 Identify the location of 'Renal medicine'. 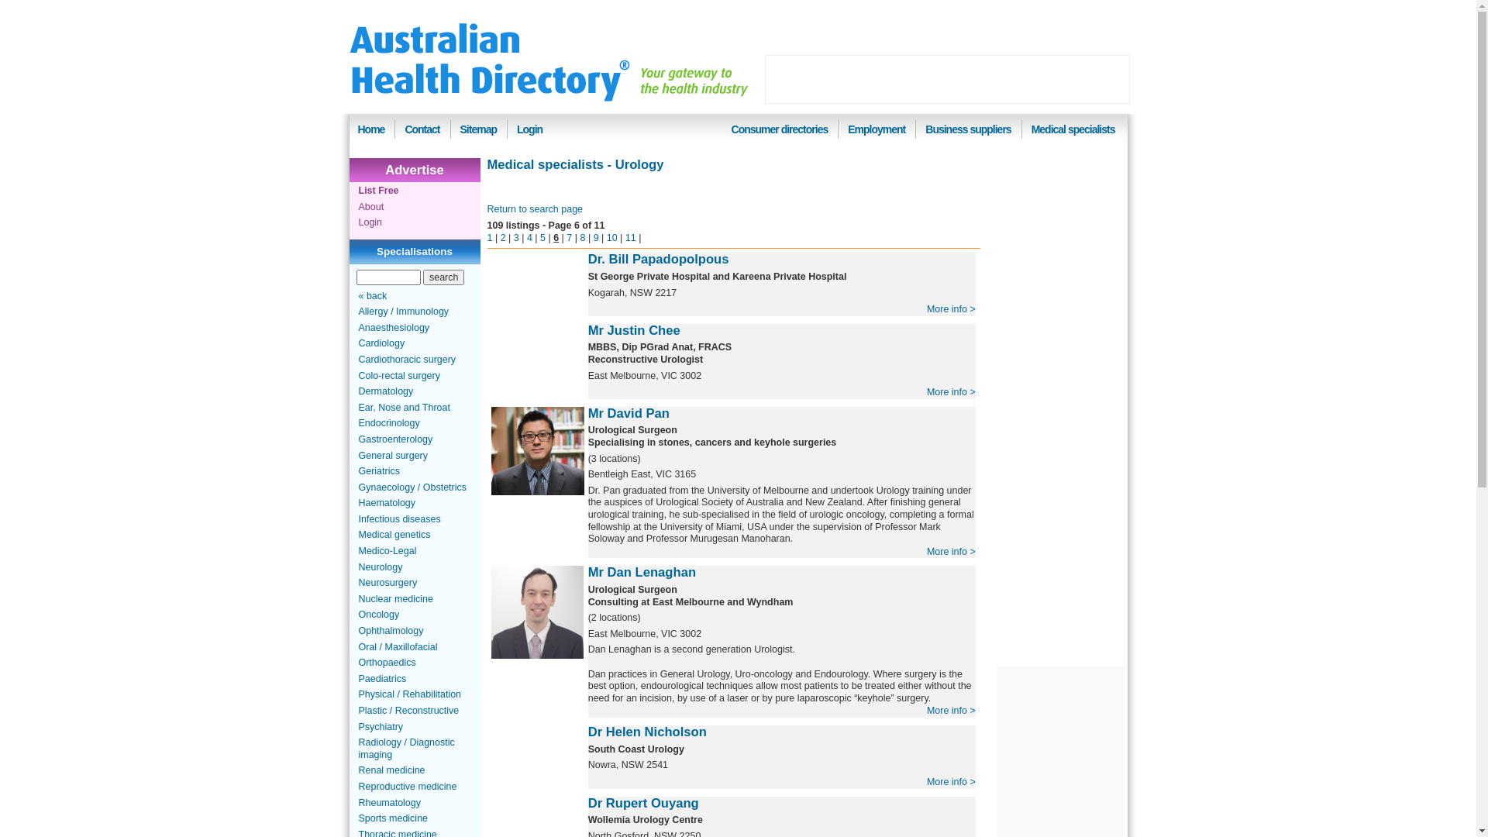
(391, 770).